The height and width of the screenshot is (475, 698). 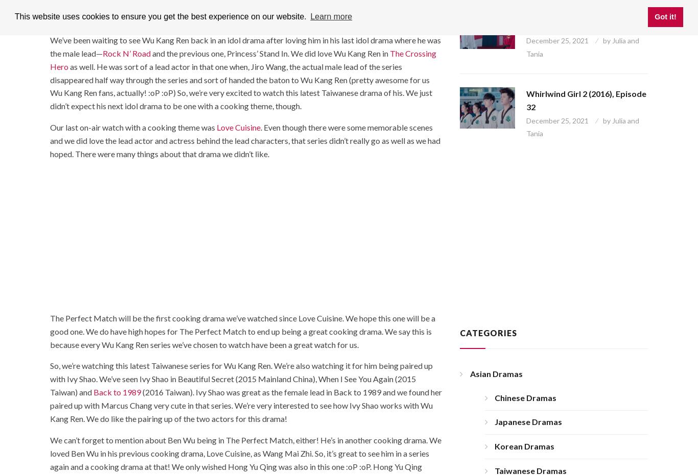 What do you see at coordinates (664, 16) in the screenshot?
I see `'Got it!'` at bounding box center [664, 16].